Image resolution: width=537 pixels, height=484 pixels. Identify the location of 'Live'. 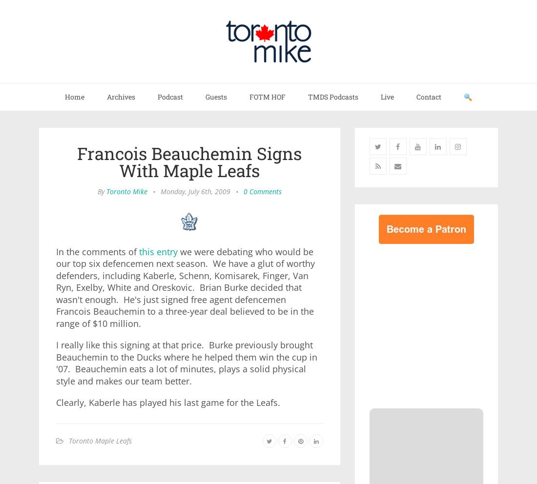
(387, 96).